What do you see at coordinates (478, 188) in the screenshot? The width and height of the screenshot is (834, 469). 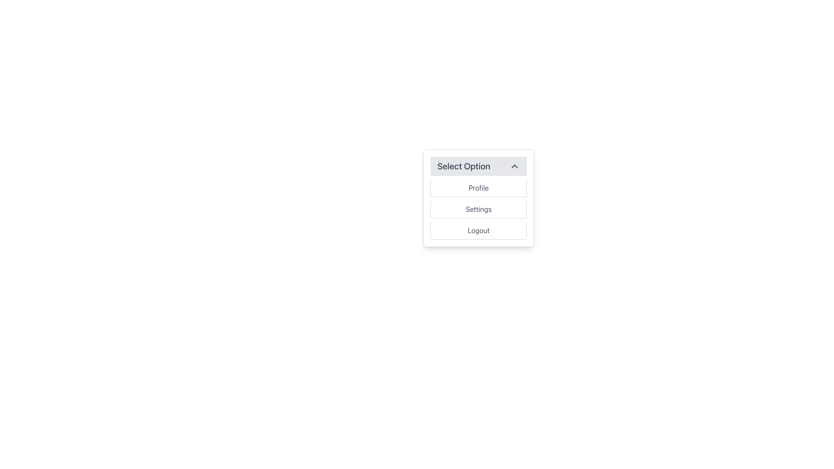 I see `the 'Profile' button` at bounding box center [478, 188].